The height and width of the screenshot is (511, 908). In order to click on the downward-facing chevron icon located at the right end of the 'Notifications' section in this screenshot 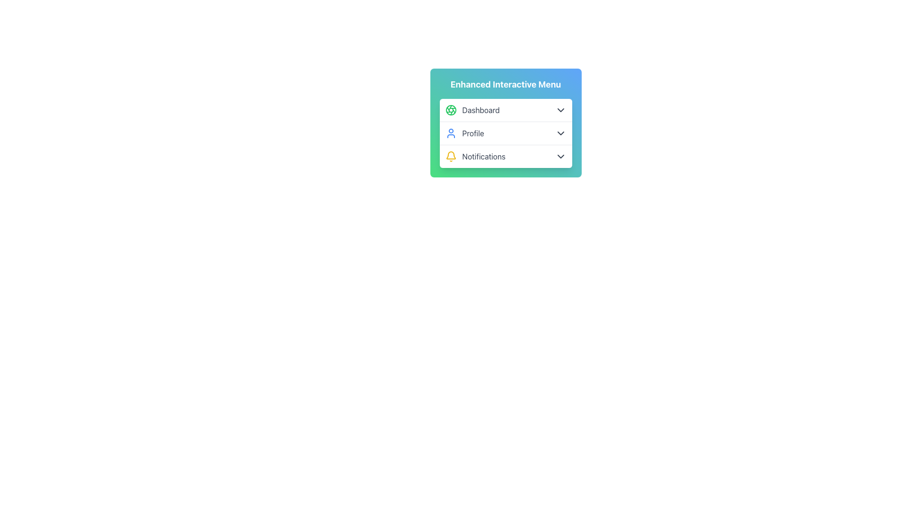, I will do `click(560, 156)`.